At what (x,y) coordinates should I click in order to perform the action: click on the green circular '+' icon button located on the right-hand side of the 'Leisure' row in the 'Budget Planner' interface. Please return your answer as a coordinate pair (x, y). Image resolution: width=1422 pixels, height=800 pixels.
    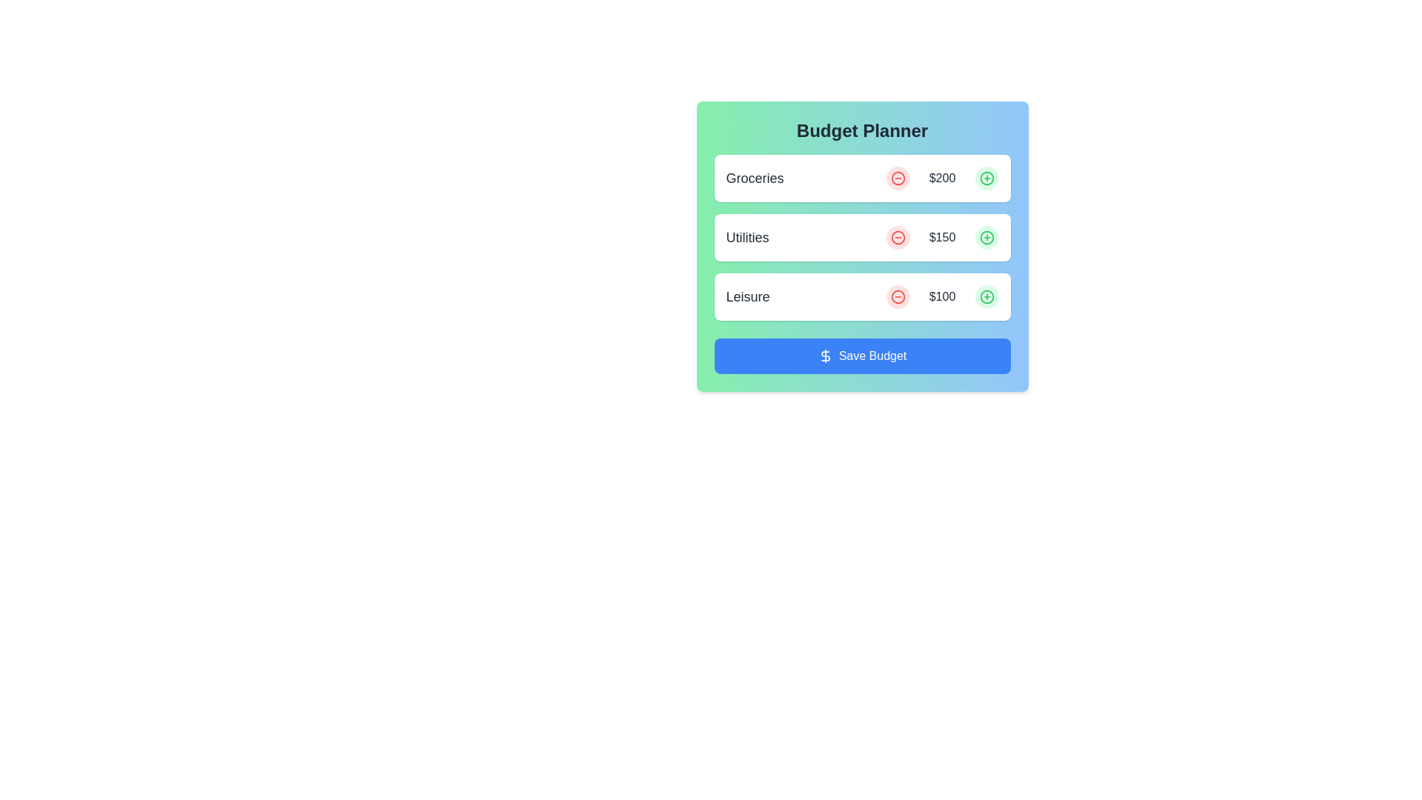
    Looking at the image, I should click on (987, 297).